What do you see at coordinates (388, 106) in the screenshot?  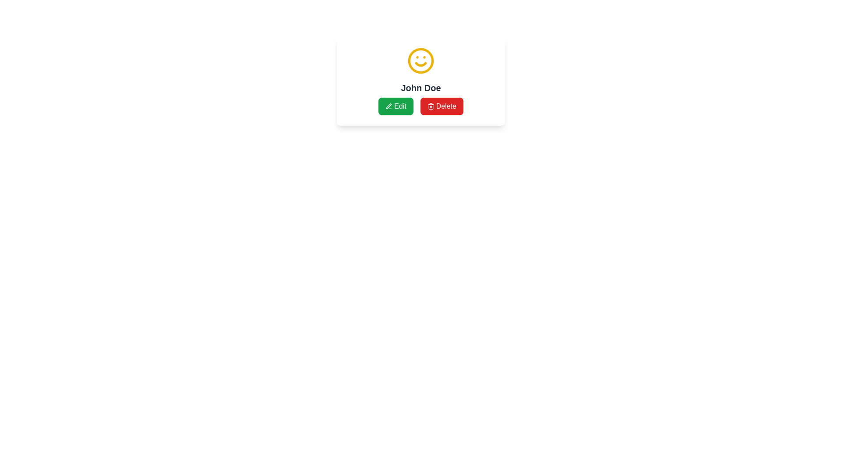 I see `the decorative icon inside the green 'Edit' button` at bounding box center [388, 106].